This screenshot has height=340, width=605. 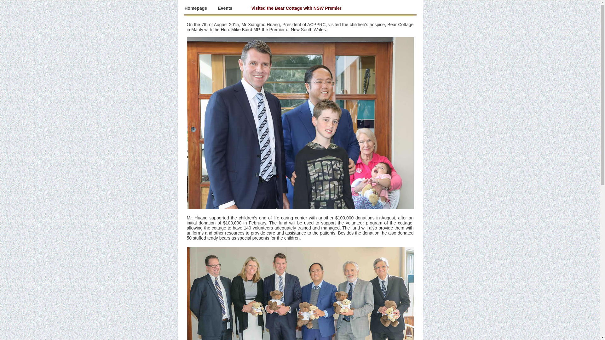 What do you see at coordinates (184, 8) in the screenshot?
I see `'Homepage'` at bounding box center [184, 8].